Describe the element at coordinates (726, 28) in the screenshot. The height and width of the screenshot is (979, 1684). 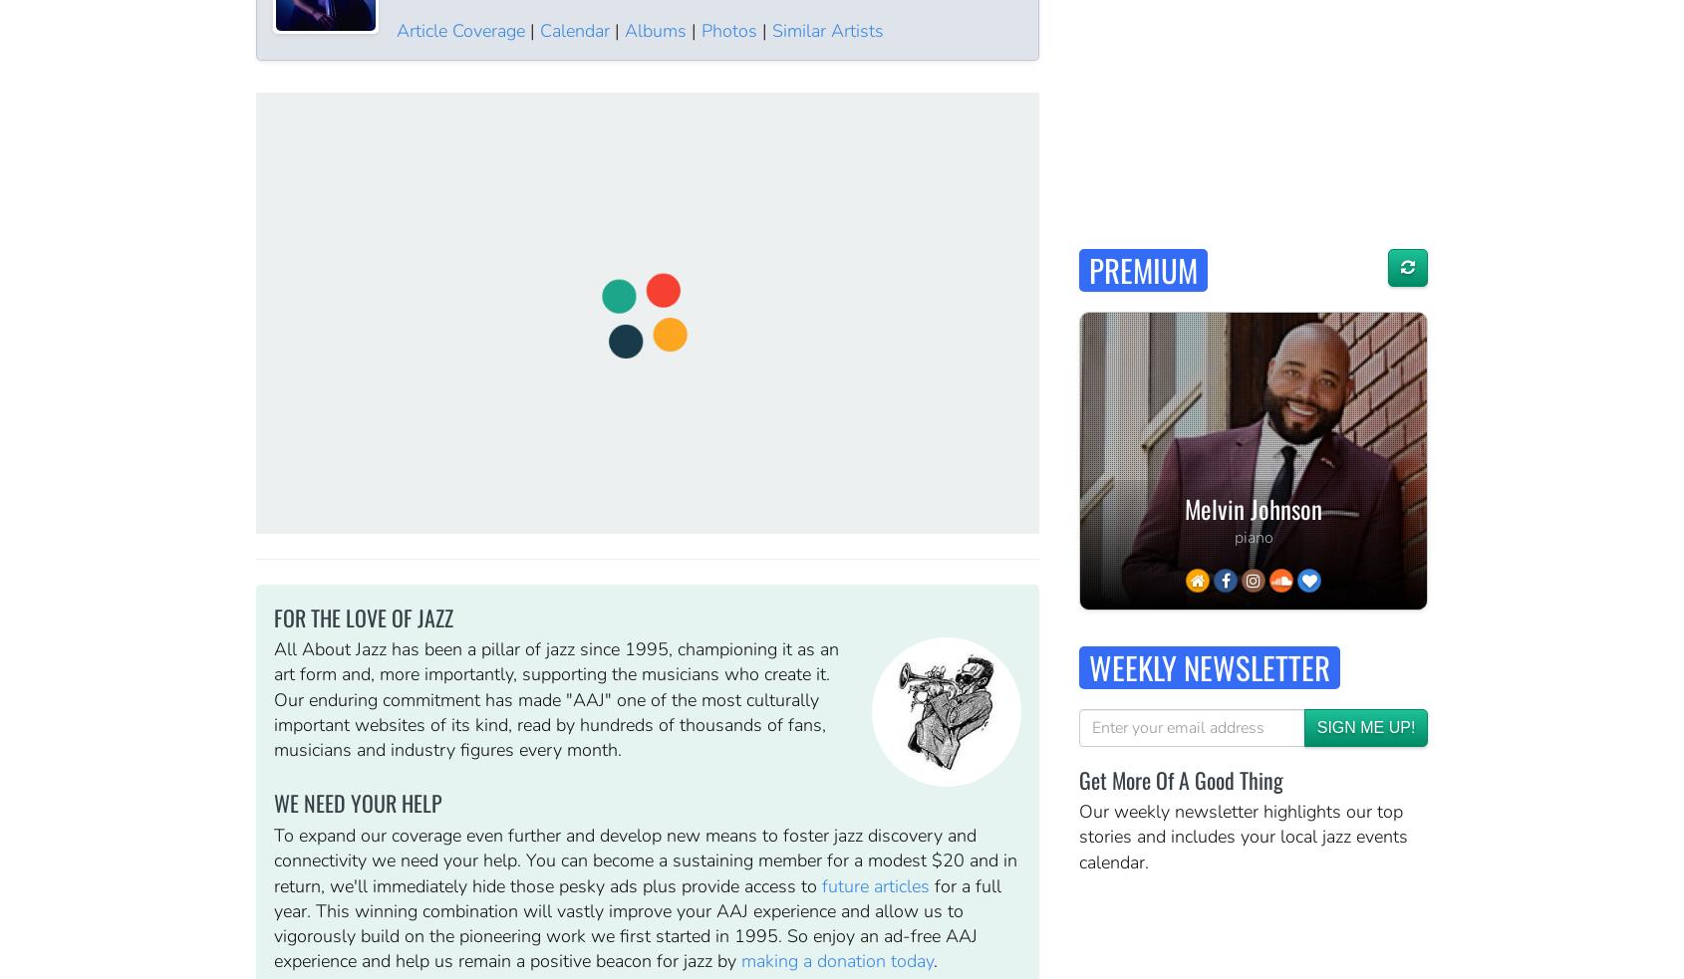
I see `'Photos'` at that location.